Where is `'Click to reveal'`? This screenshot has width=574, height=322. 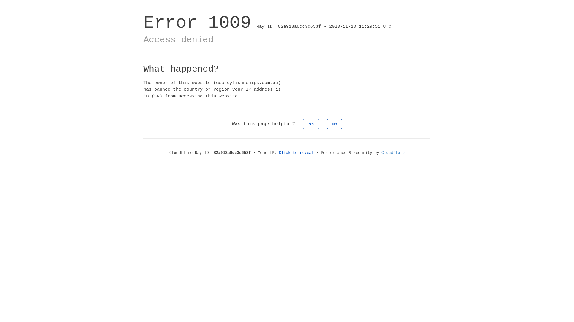
'Click to reveal' is located at coordinates (296, 152).